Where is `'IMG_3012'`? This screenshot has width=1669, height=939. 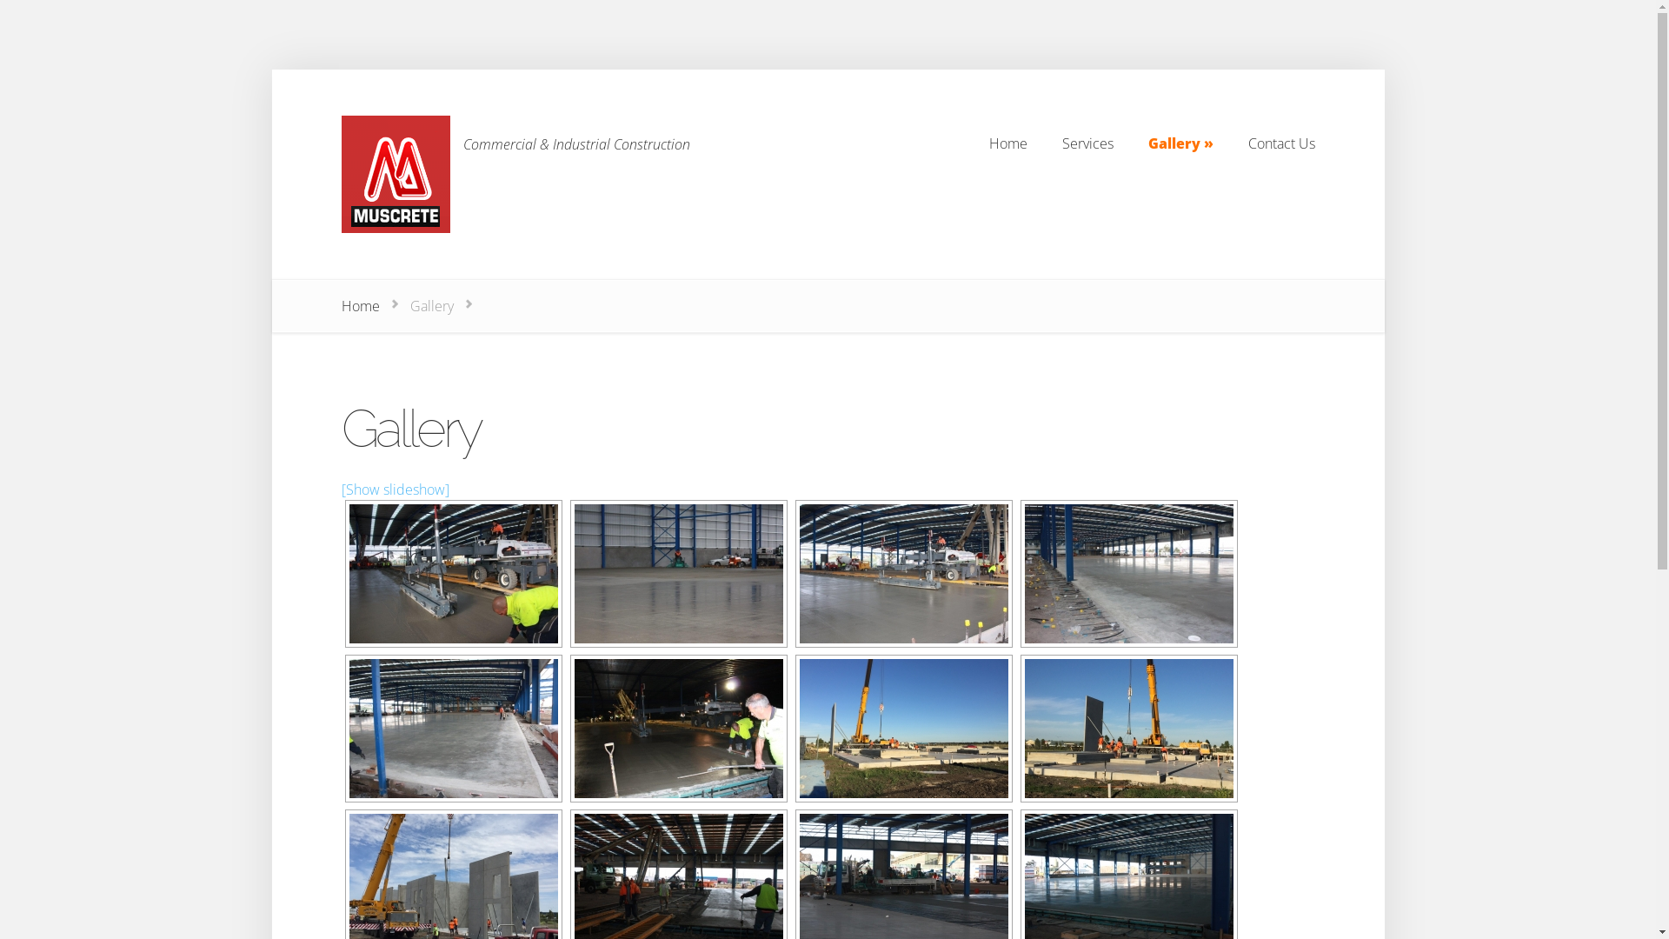 'IMG_3012' is located at coordinates (1129, 728).